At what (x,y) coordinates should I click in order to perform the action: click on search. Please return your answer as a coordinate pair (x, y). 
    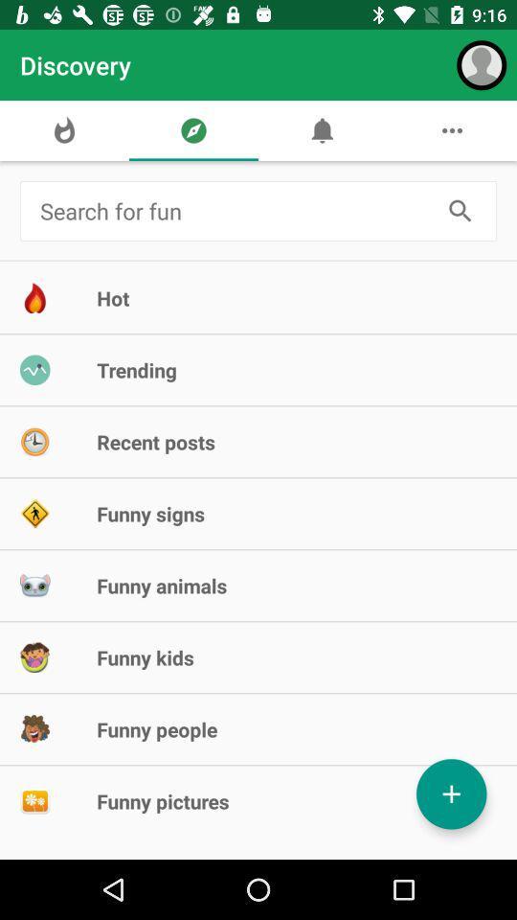
    Looking at the image, I should click on (460, 211).